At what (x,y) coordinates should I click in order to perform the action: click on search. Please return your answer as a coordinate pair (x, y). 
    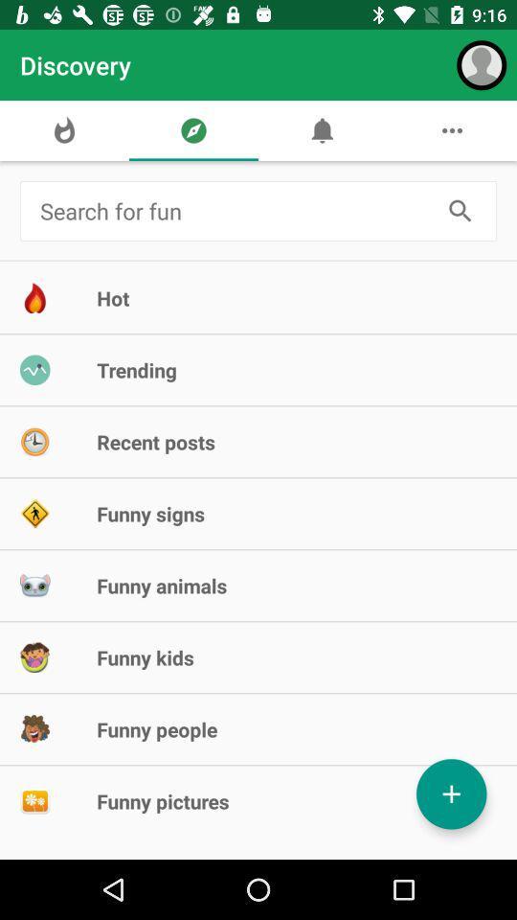
    Looking at the image, I should click on (460, 211).